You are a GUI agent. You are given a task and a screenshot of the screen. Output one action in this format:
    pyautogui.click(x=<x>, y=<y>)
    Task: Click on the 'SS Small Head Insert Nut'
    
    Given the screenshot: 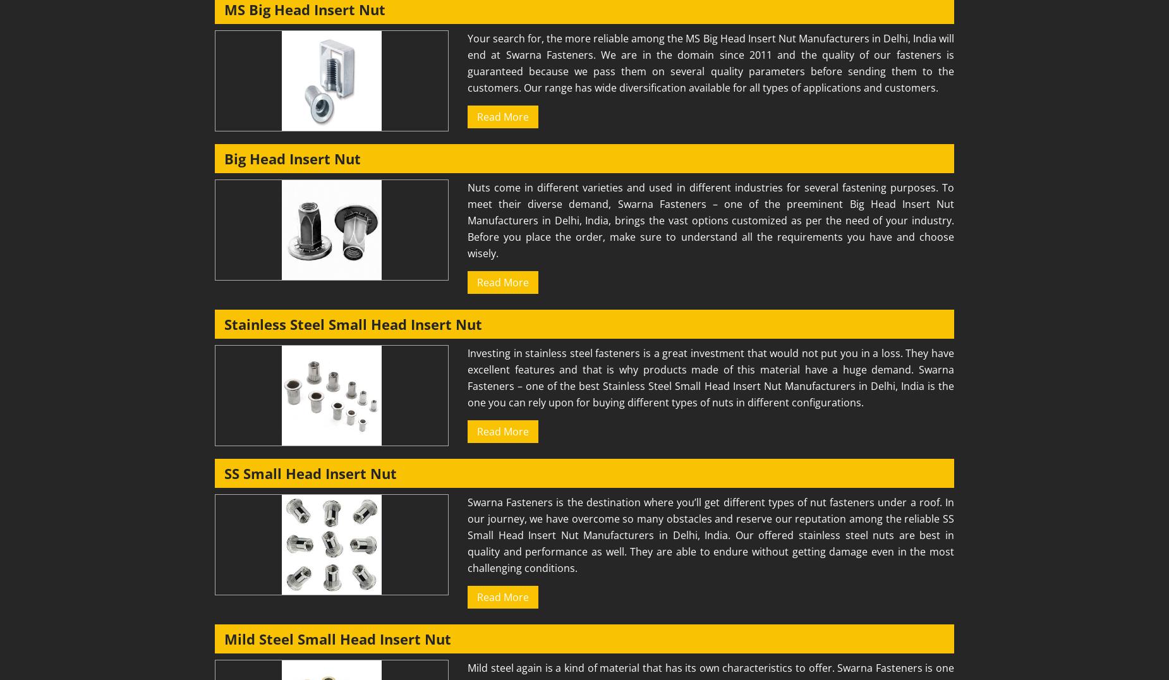 What is the action you would take?
    pyautogui.click(x=310, y=473)
    